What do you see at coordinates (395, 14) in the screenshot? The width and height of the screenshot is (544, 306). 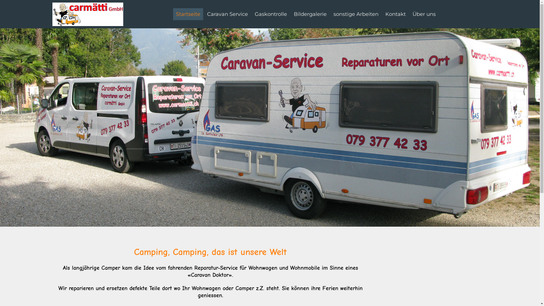 I see `'Kontakt'` at bounding box center [395, 14].